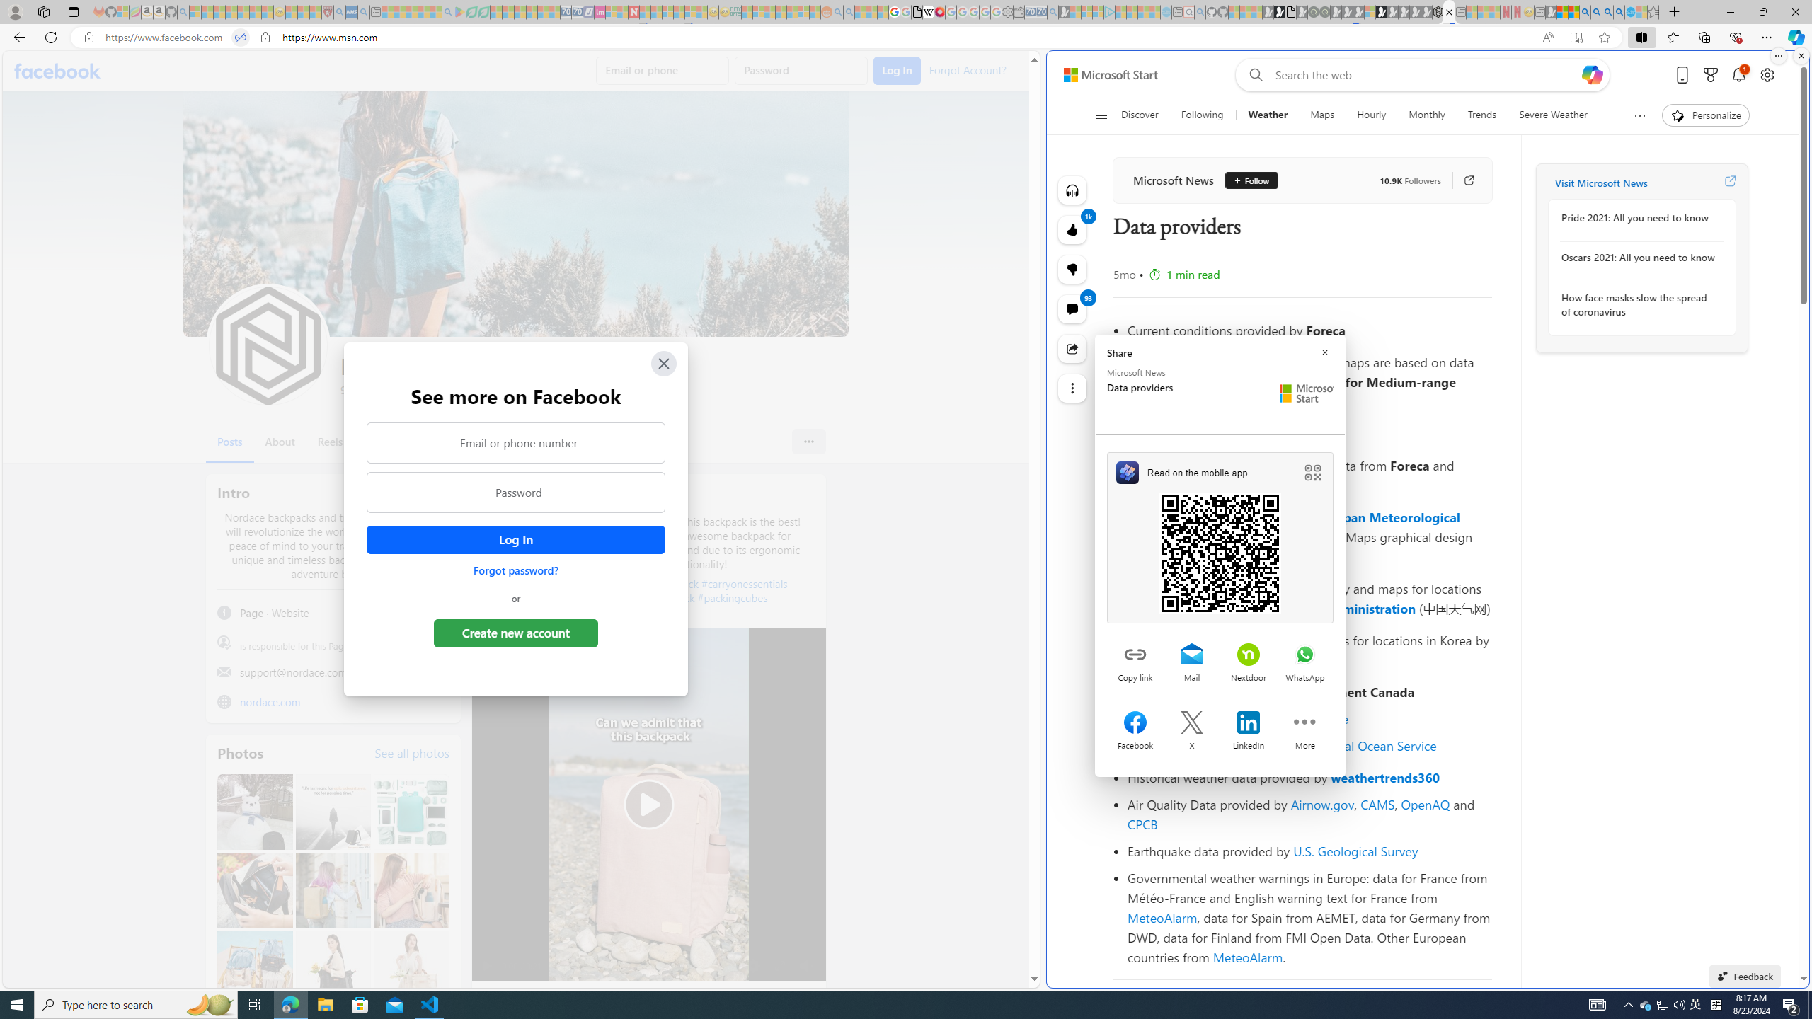  Describe the element at coordinates (1552, 115) in the screenshot. I see `'Severe Weather'` at that location.